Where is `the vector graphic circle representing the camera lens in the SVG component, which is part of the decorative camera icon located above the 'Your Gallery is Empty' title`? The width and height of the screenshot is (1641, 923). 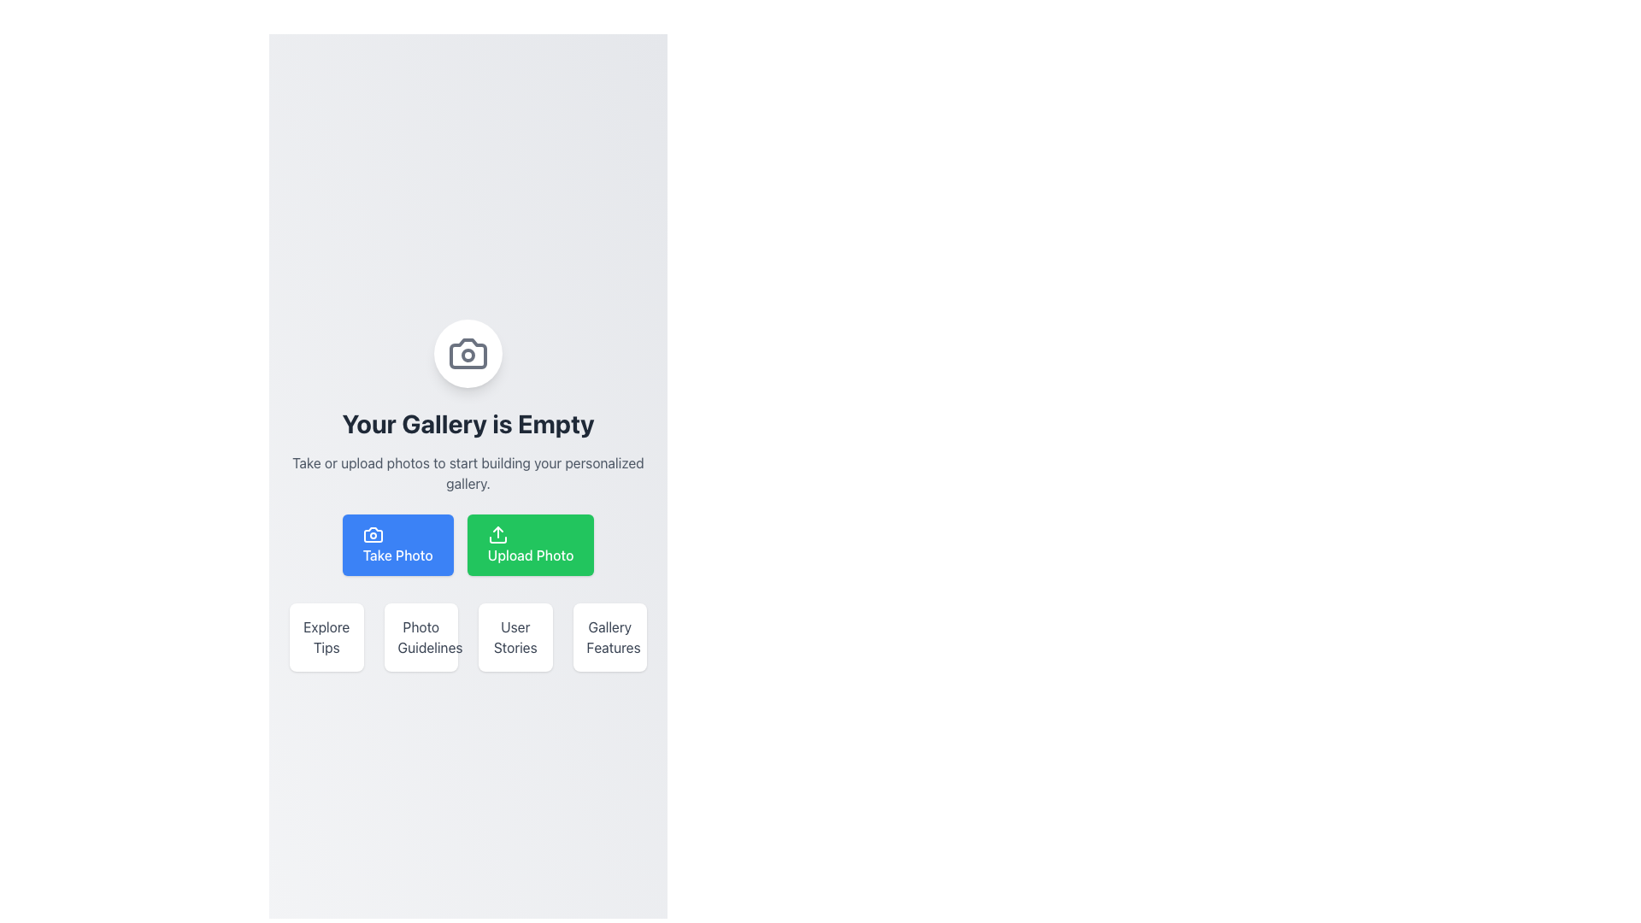 the vector graphic circle representing the camera lens in the SVG component, which is part of the decorative camera icon located above the 'Your Gallery is Empty' title is located at coordinates (468, 355).